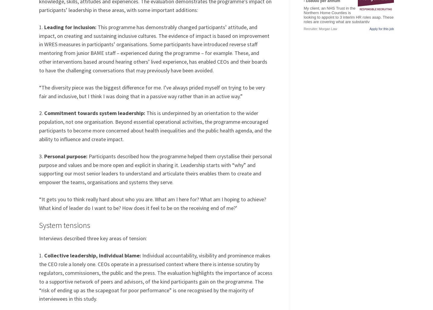 The image size is (433, 310). What do you see at coordinates (44, 27) in the screenshot?
I see `'Leading for inclusion:'` at bounding box center [44, 27].